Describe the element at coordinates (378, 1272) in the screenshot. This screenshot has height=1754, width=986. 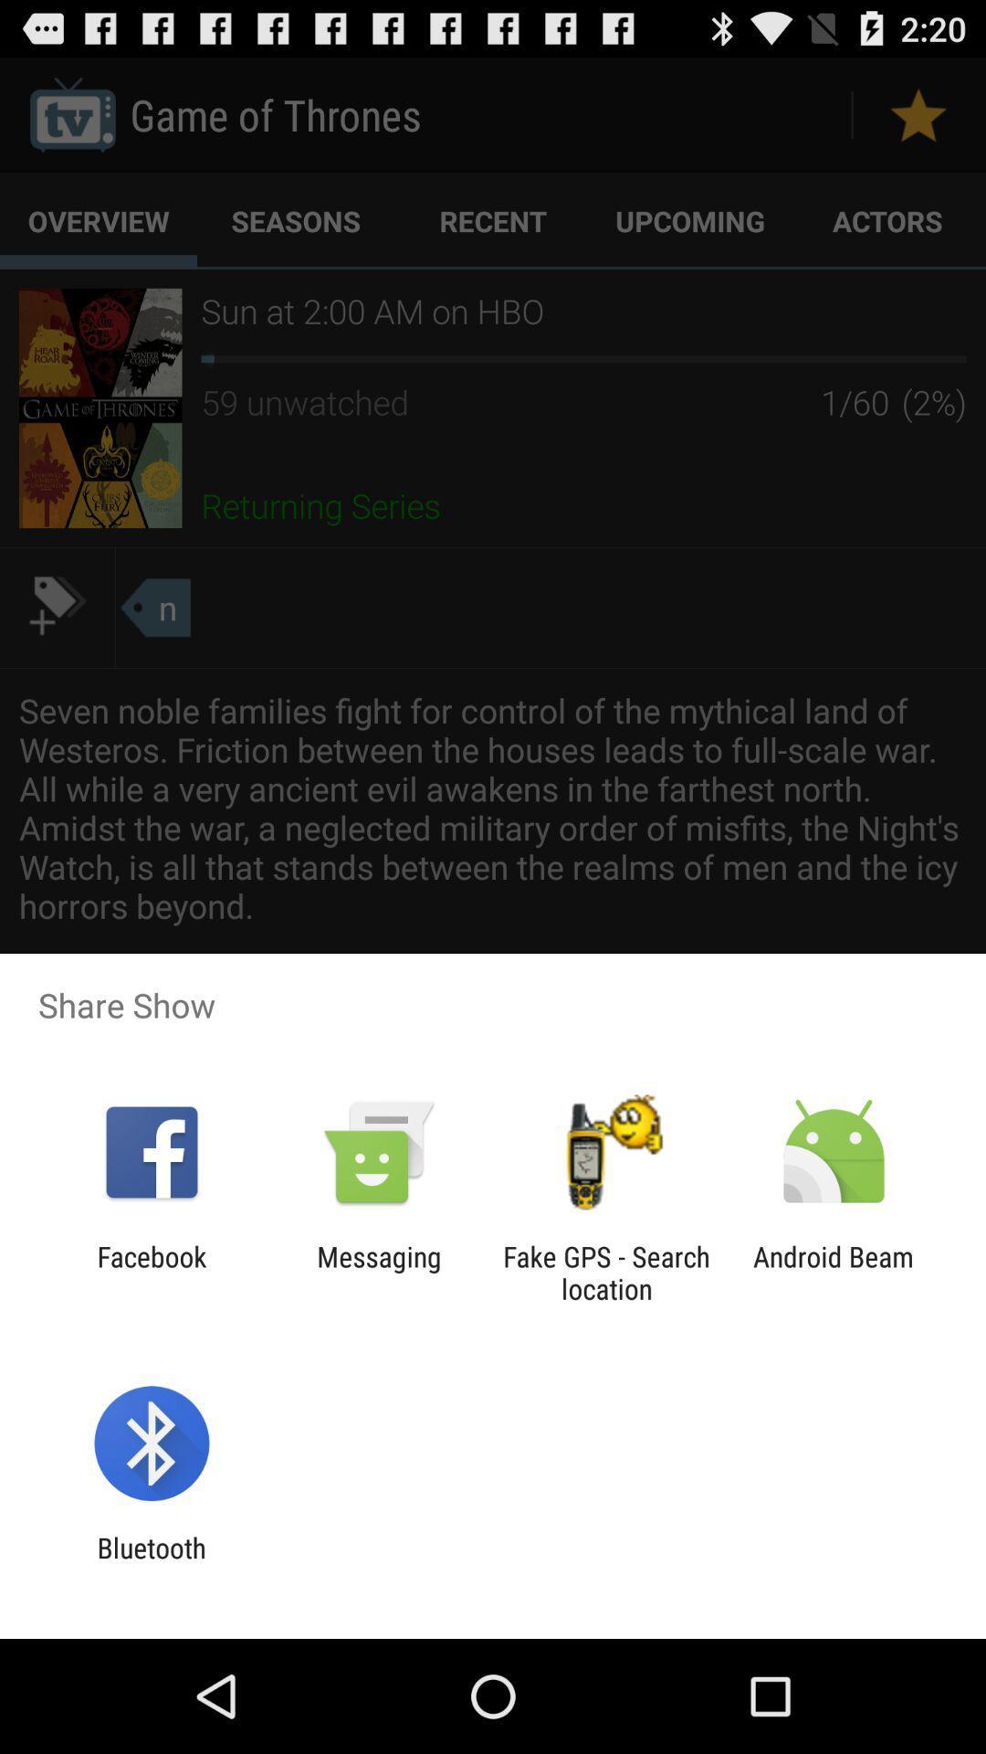
I see `the item next to the fake gps search app` at that location.